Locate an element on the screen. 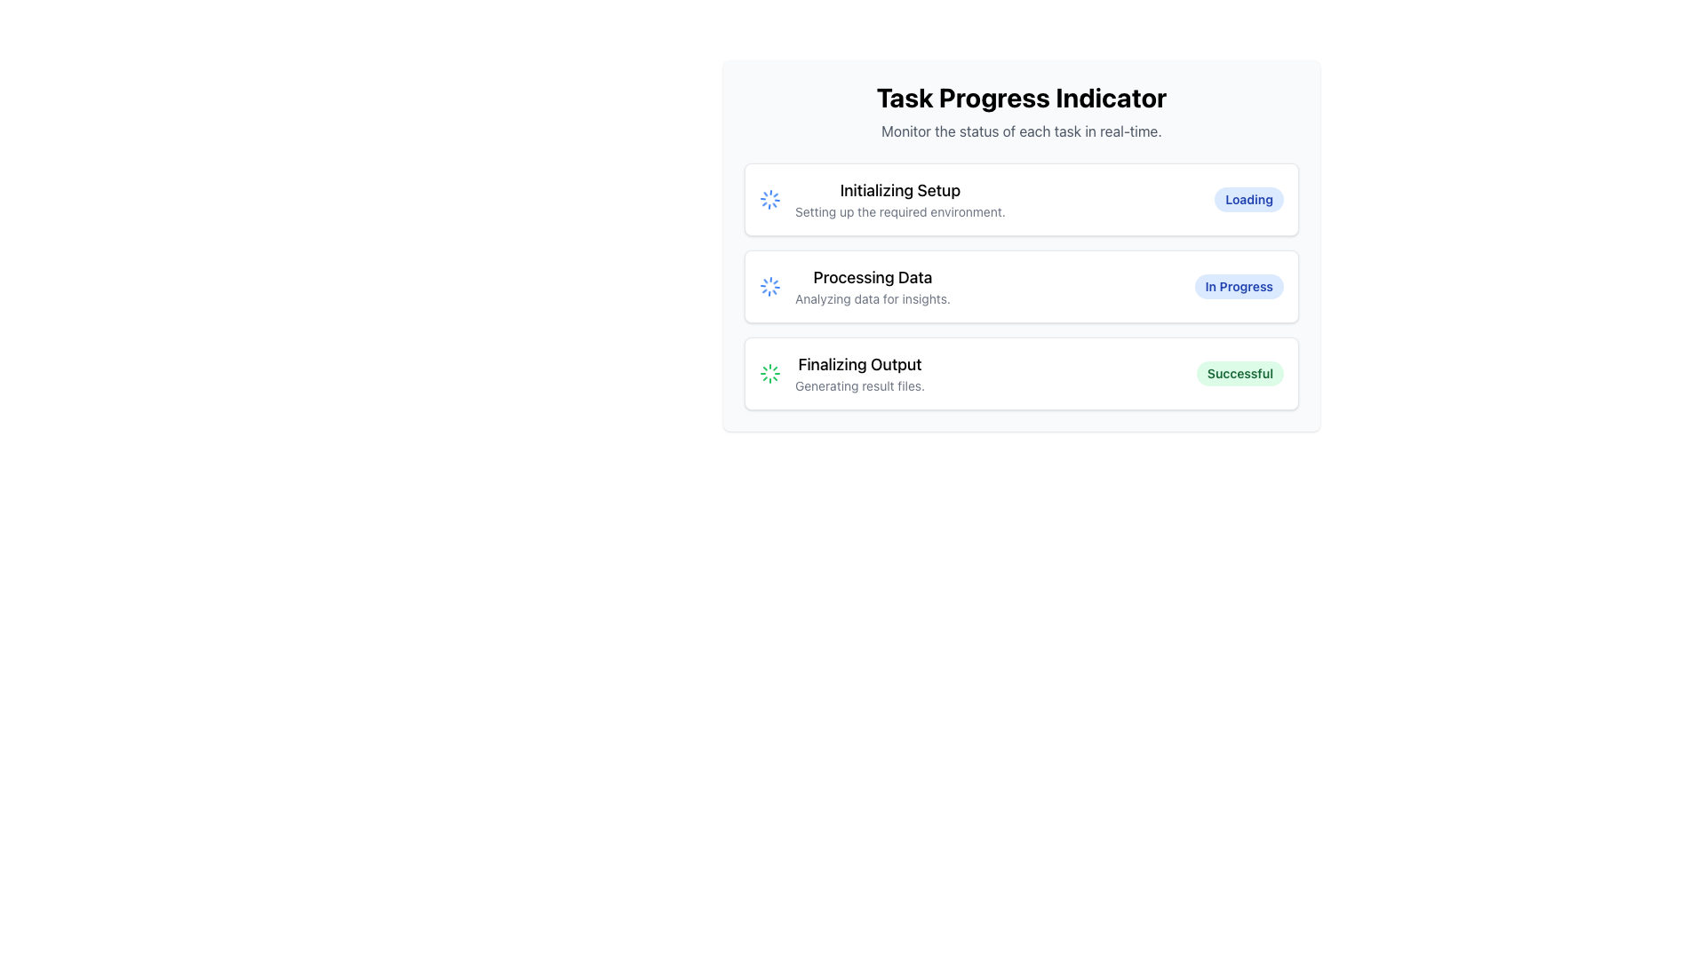  the Status card that indicates the successful completion of a task, located at the bottom of a vertical list of status cards is located at coordinates (1022, 372).